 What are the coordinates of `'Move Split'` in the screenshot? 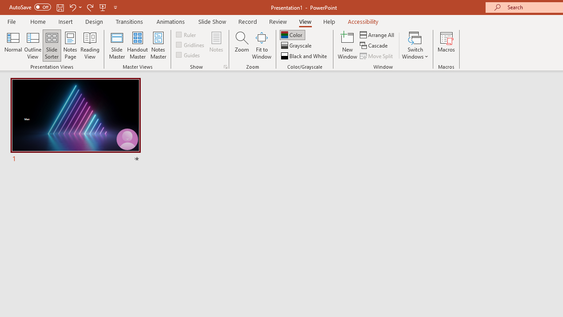 It's located at (377, 56).